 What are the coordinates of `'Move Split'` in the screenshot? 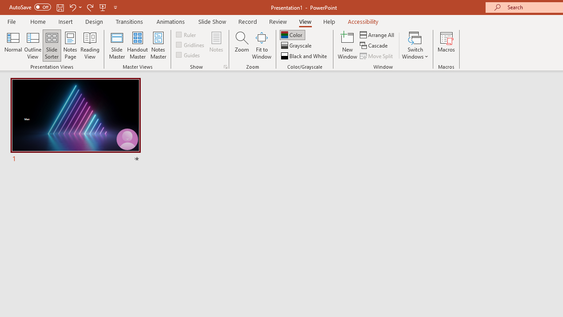 It's located at (377, 56).